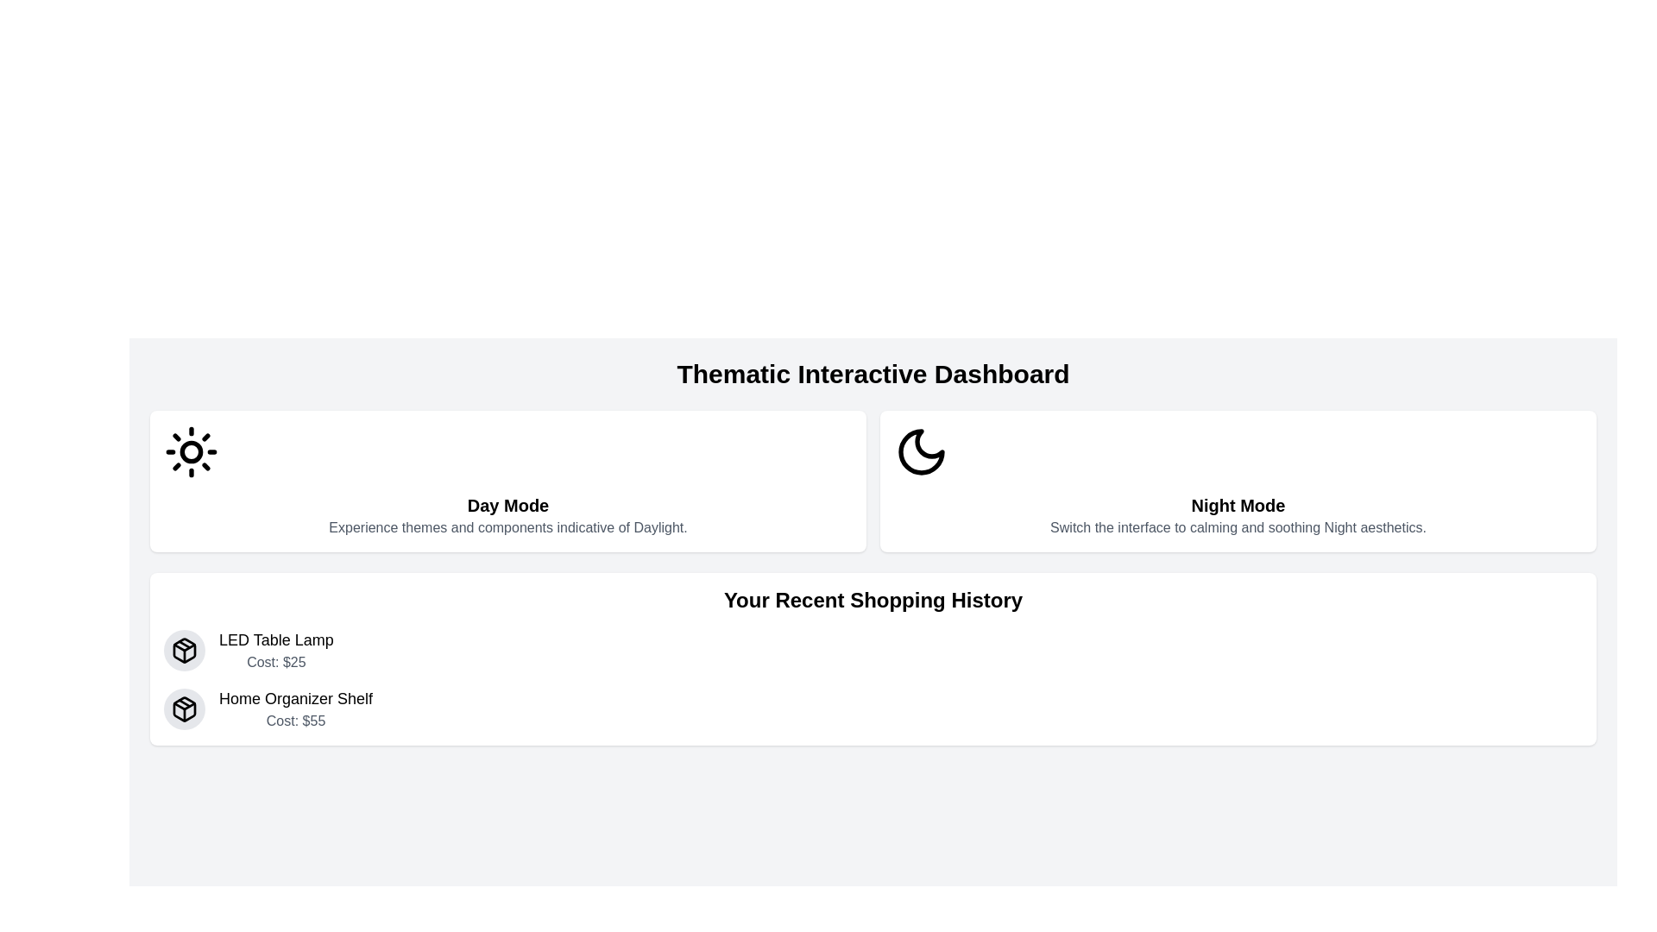 The height and width of the screenshot is (932, 1657). What do you see at coordinates (1238, 527) in the screenshot?
I see `text label styled in gray that says 'Switch the interface to calming and soothing Night aesthetics.' positioned below the 'Night Mode' title` at bounding box center [1238, 527].